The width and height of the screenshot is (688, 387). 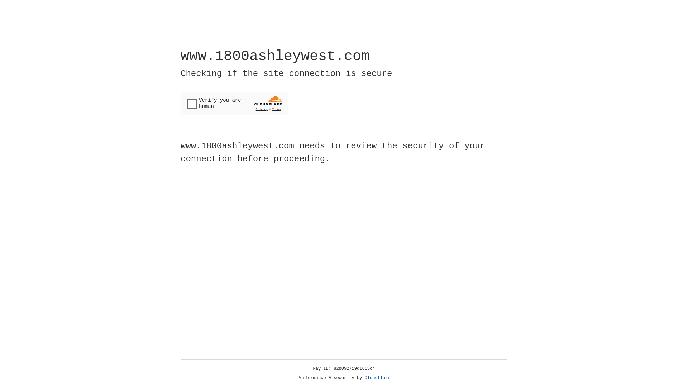 I want to click on 'Widget containing a Cloudflare security challenge', so click(x=234, y=103).